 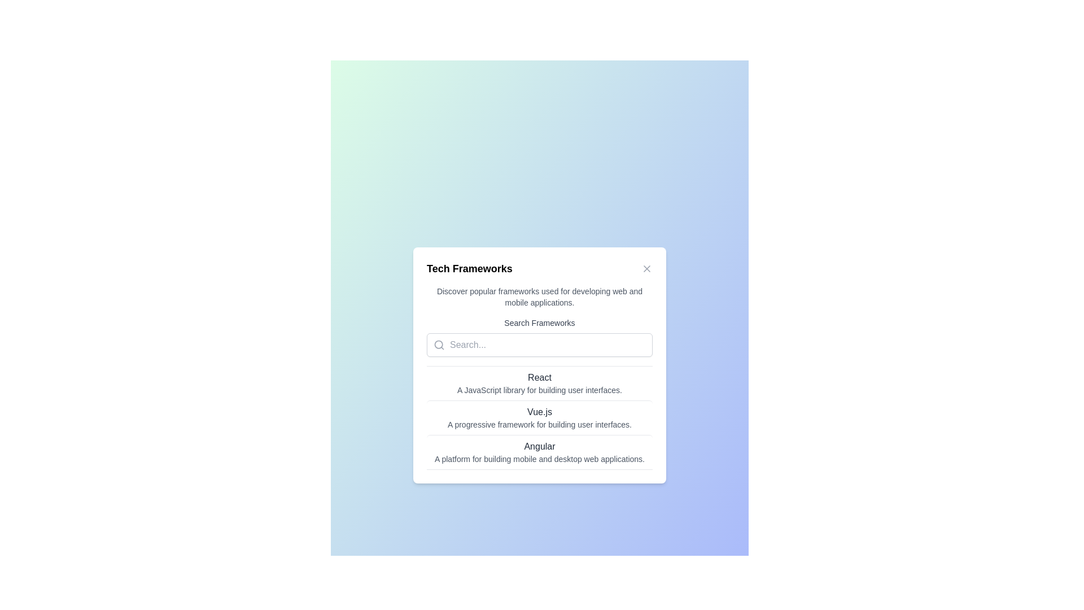 I want to click on the small circular part of the magnifying glass icon, which is located next to the search input field on the left side, so click(x=438, y=344).